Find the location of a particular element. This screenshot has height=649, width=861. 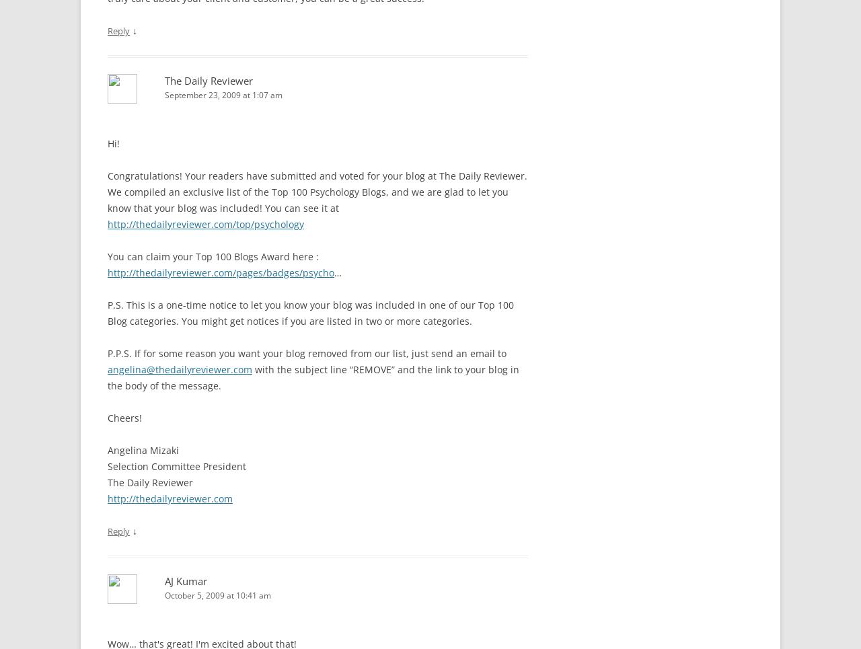

'October 5, 2009 at 10:41 am' is located at coordinates (217, 595).